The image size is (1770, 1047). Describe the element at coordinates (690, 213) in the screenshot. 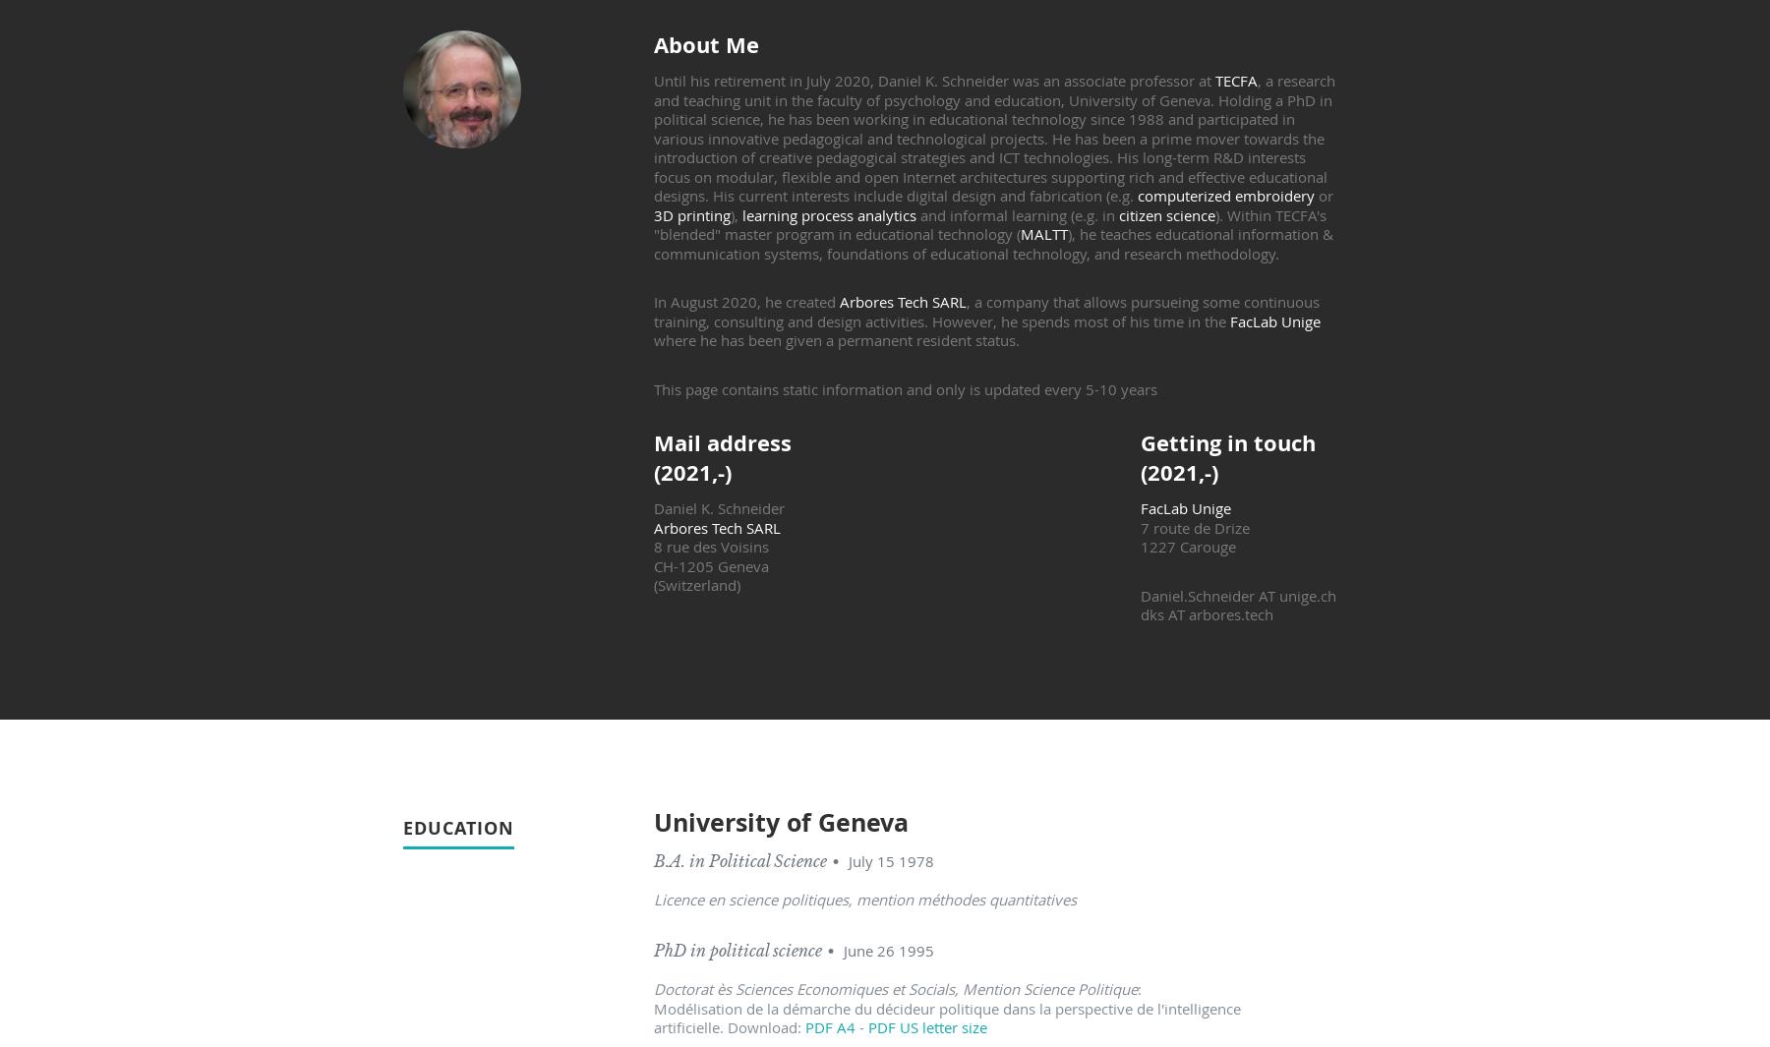

I see `'3D printing'` at that location.